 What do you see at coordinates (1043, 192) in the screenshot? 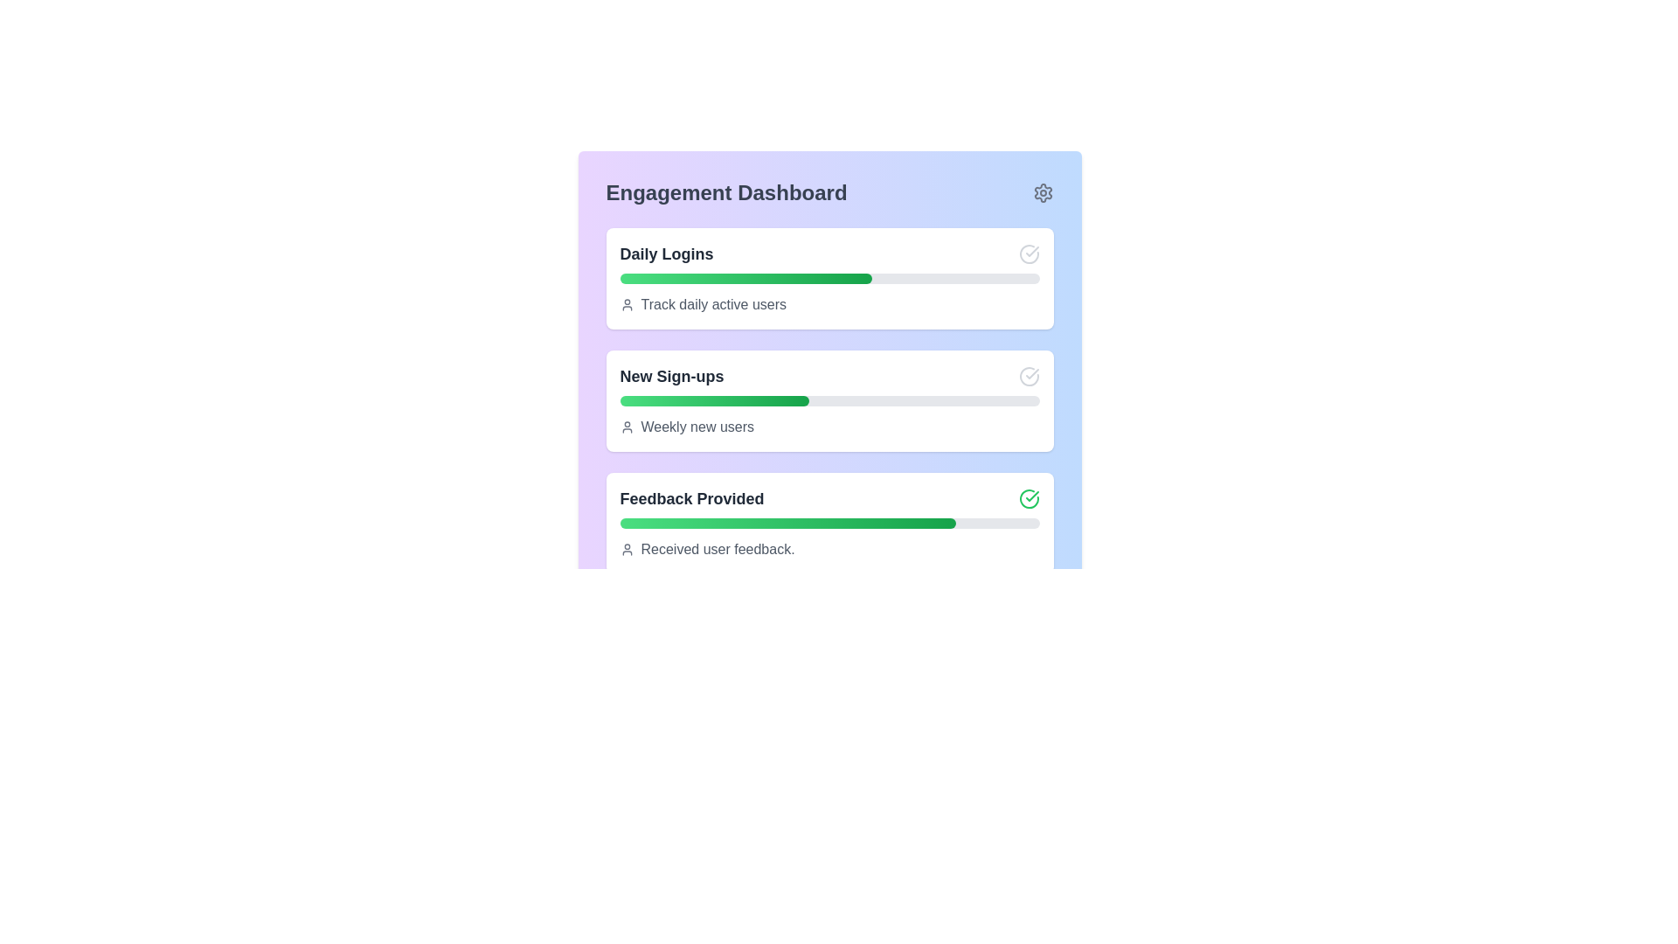
I see `the settings icon located to the right of the 'Engagement Dashboard' heading` at bounding box center [1043, 192].